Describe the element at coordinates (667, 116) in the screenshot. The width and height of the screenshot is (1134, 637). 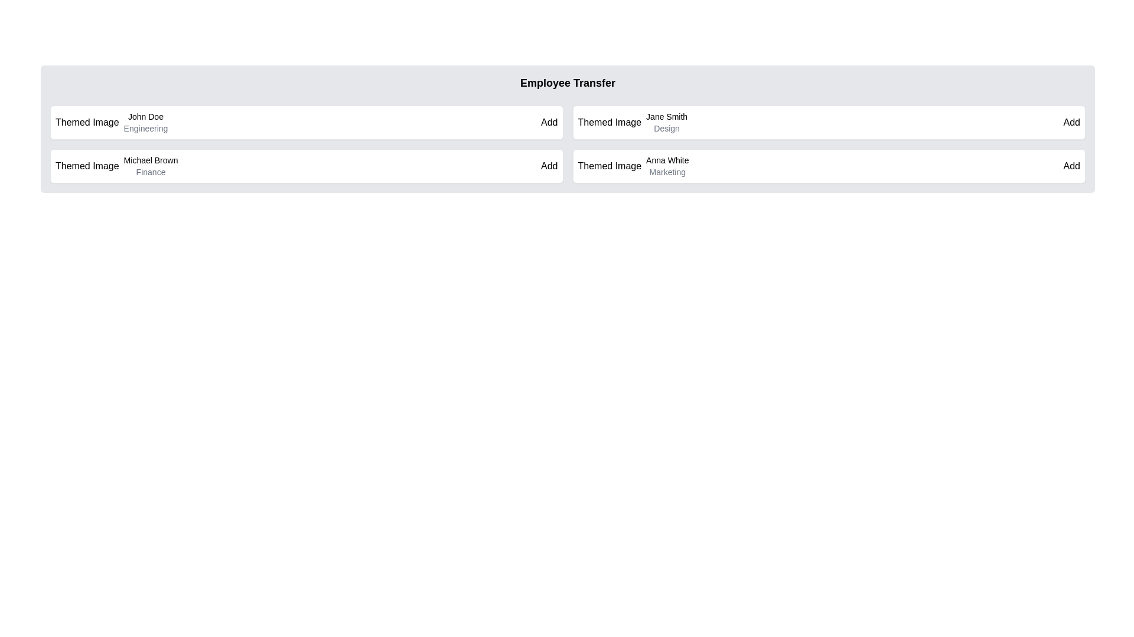
I see `the text label displaying 'Jane Smith' in the Employee Transfer interface, located in the right section under the profile label` at that location.